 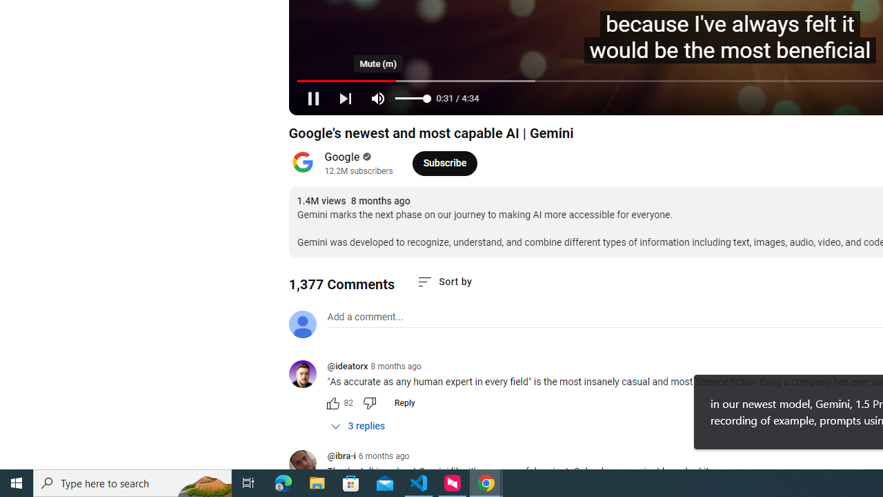 What do you see at coordinates (366, 156) in the screenshot?
I see `'Verified'` at bounding box center [366, 156].